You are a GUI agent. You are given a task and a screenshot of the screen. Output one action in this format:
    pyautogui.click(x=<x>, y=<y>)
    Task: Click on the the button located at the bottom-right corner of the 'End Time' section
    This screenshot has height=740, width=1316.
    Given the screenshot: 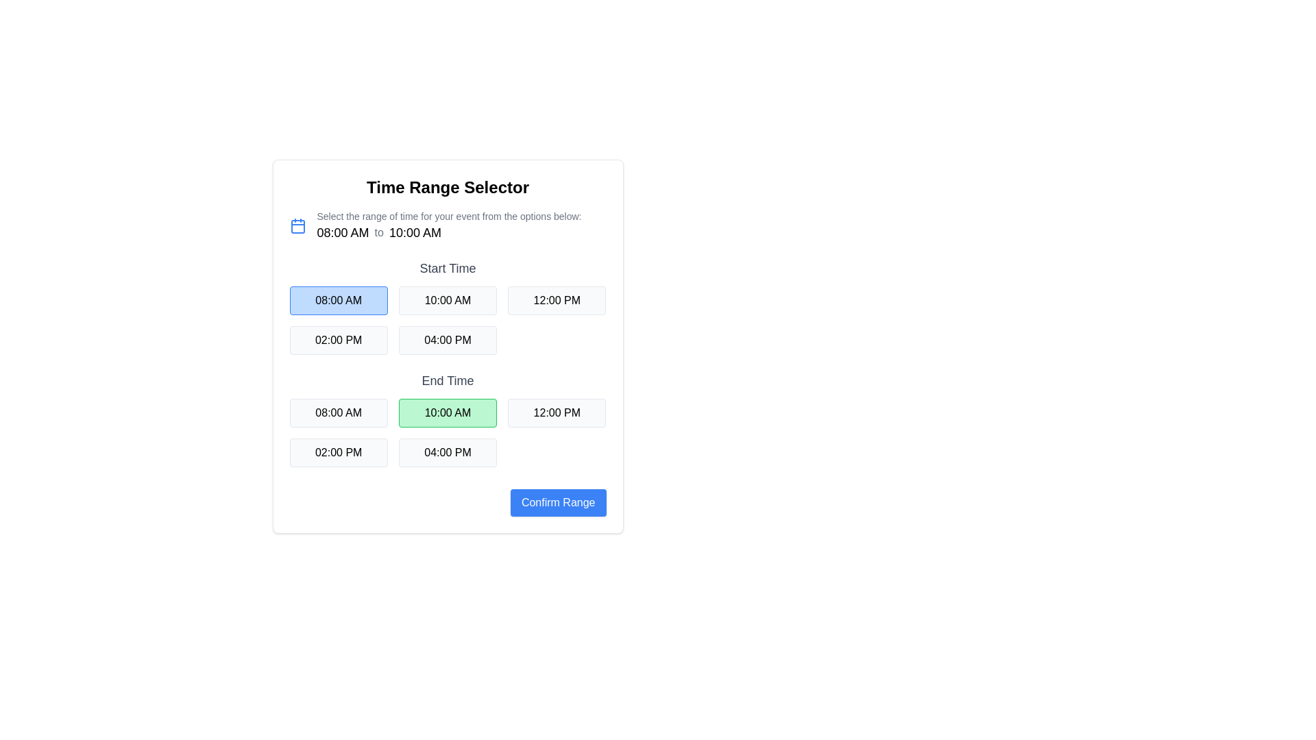 What is the action you would take?
    pyautogui.click(x=558, y=502)
    